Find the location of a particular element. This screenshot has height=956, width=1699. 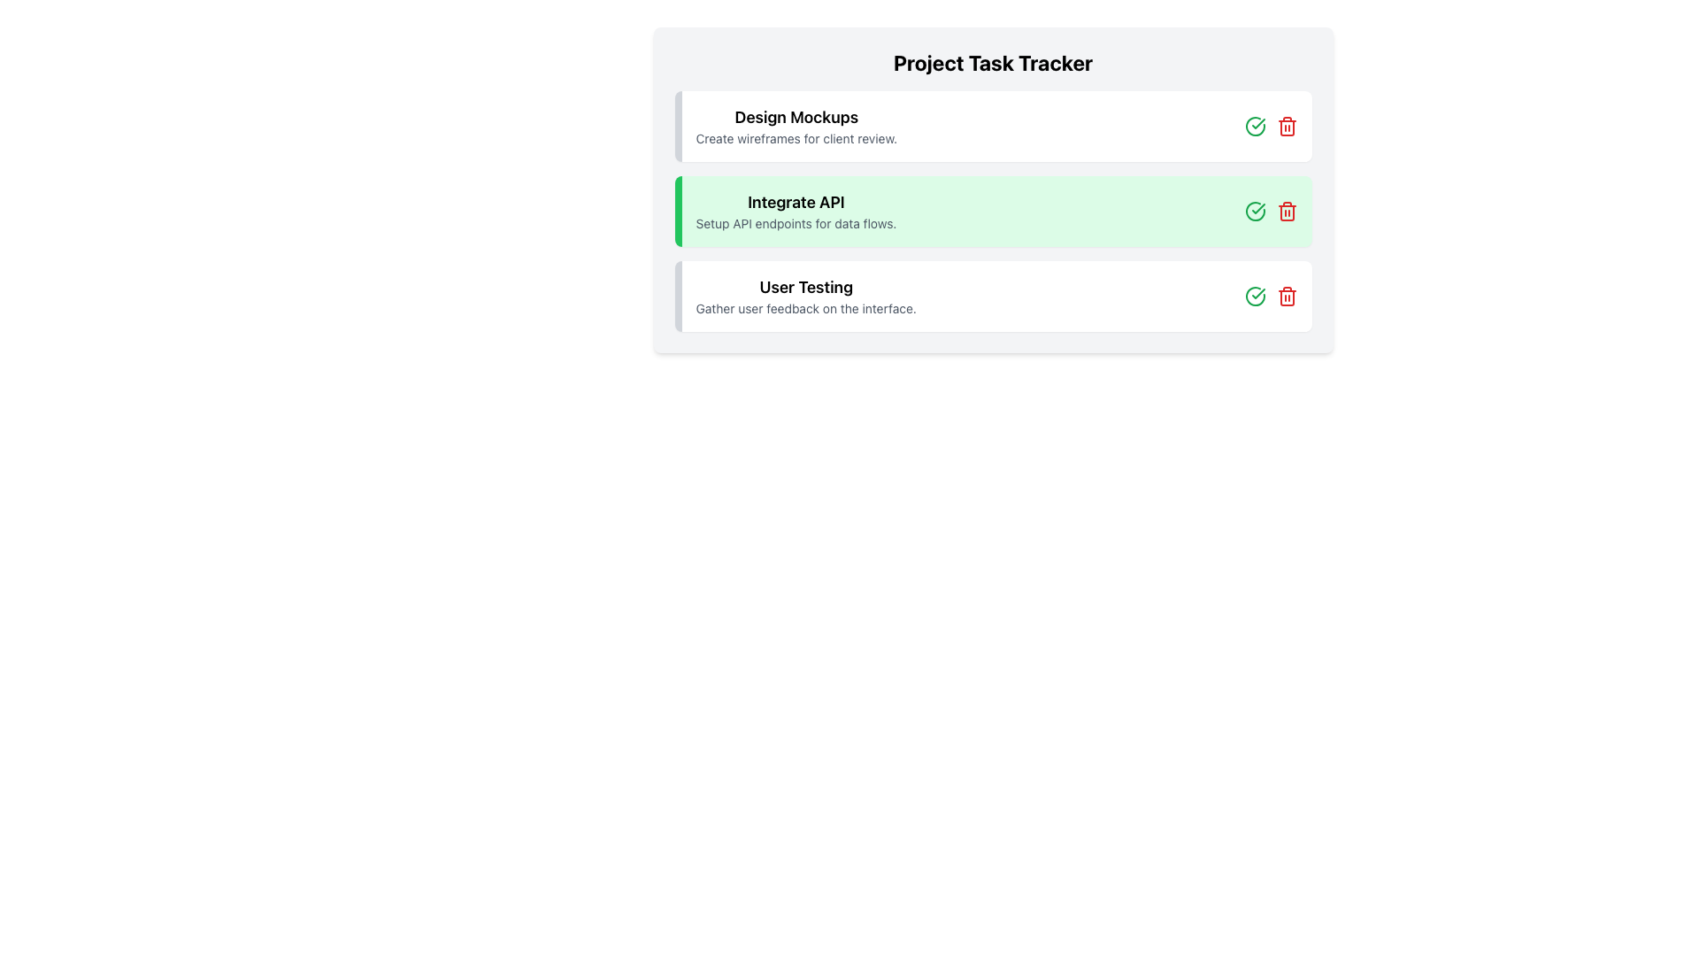

the interactive icon indicating the completion status of the 'Integrate API' task in the 'Project Task Tracker' interface is located at coordinates (1254, 211).